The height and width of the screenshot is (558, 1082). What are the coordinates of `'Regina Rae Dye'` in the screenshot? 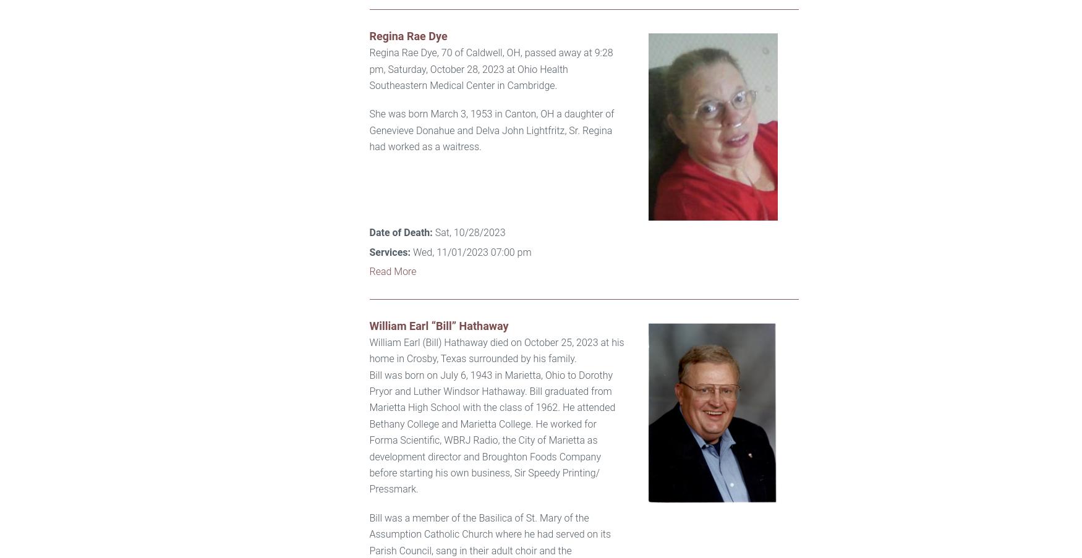 It's located at (368, 35).